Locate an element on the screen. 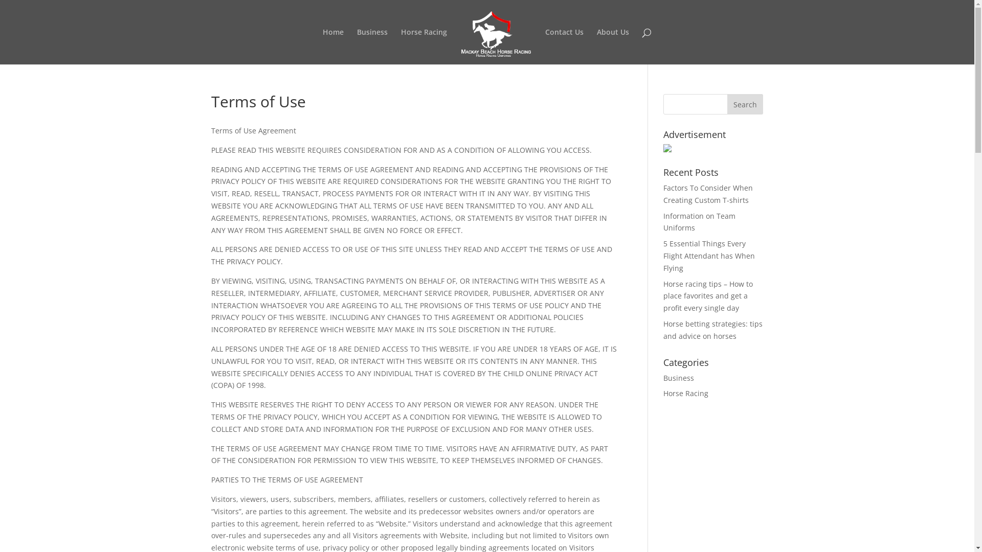 Image resolution: width=982 pixels, height=552 pixels. '5 Essential Things Every Flight Attendant has When Flying' is located at coordinates (708, 255).